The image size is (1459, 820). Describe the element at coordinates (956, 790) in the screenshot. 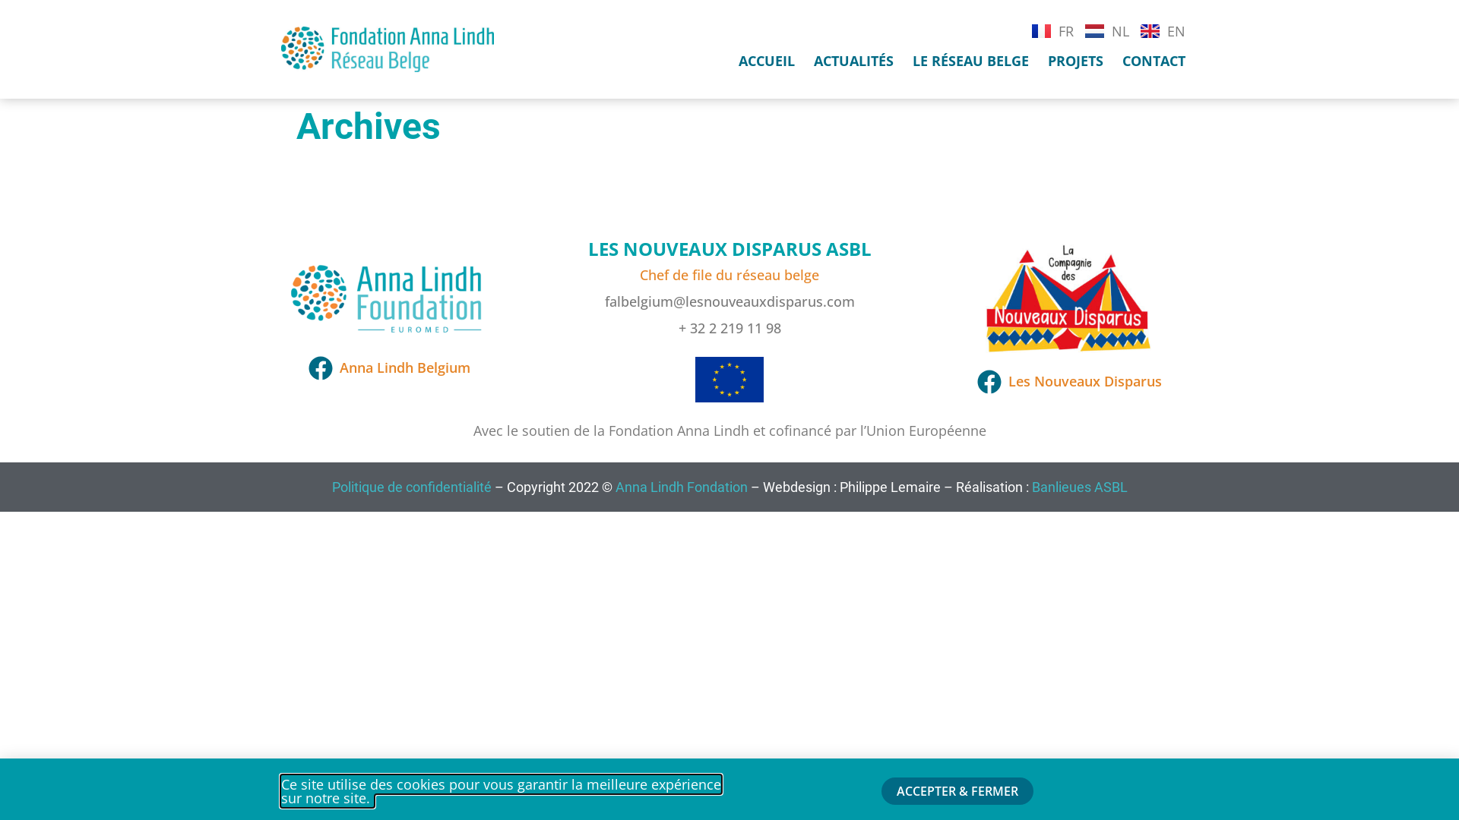

I see `'ACCEPTER & FERMER'` at that location.